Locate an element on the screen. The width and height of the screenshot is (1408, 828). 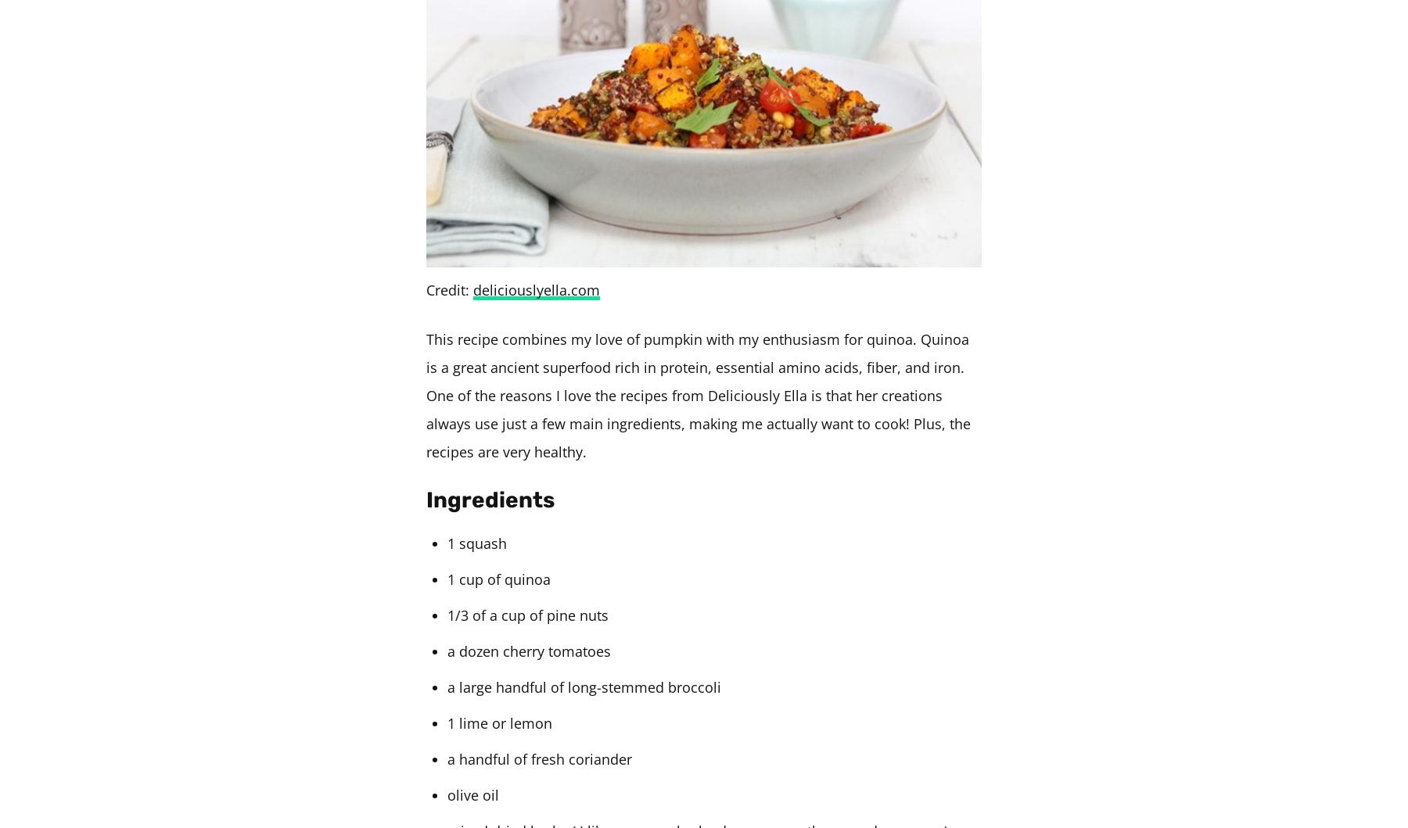
'Credit:' is located at coordinates (449, 289).